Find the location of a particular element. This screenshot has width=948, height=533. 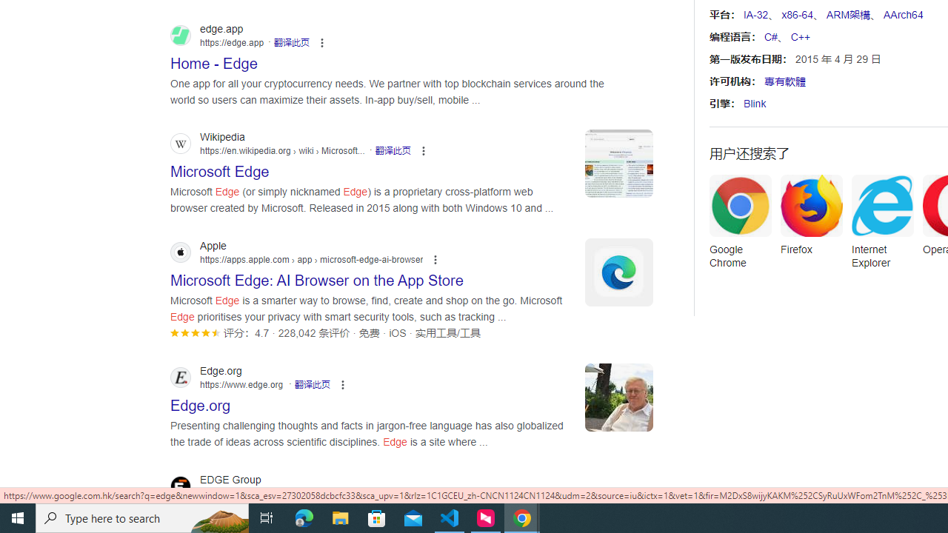

'Google Chrome' is located at coordinates (740, 227).